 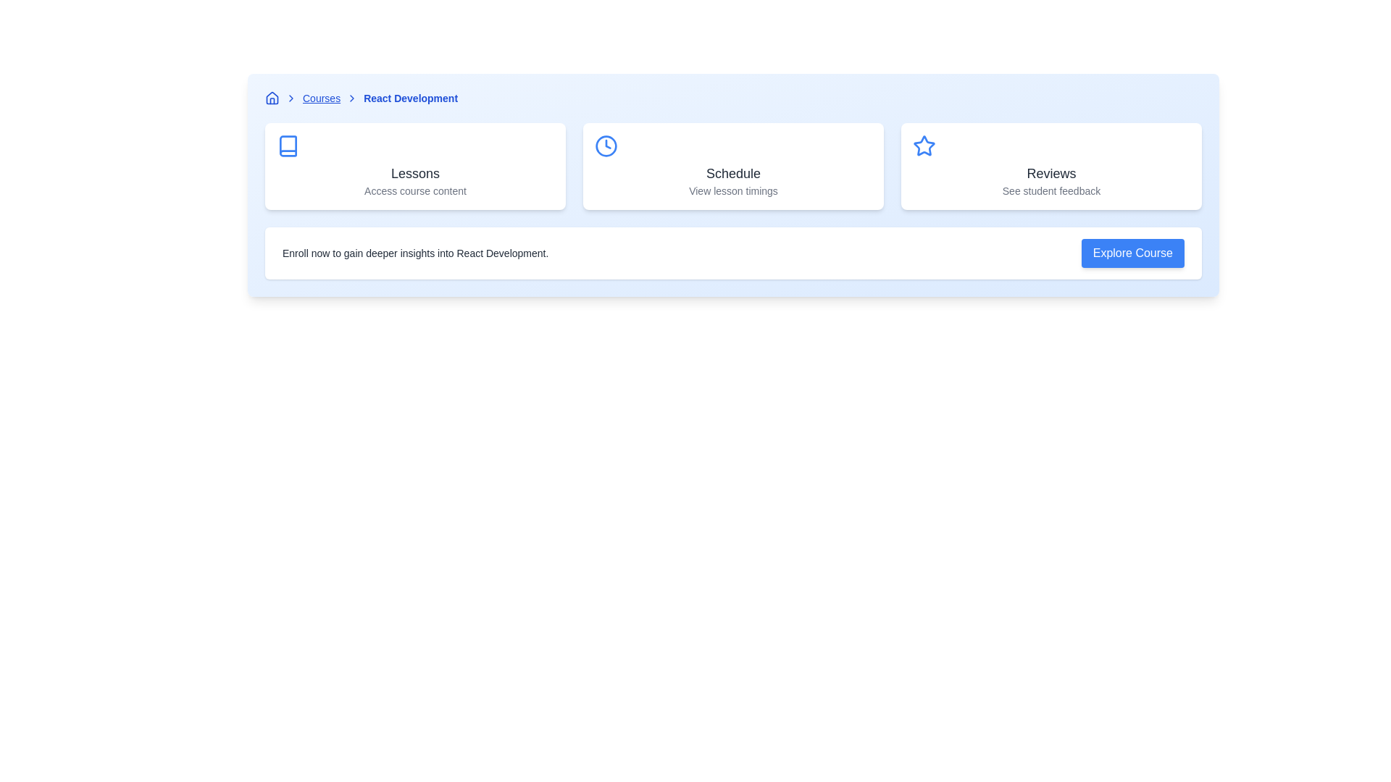 What do you see at coordinates (733, 190) in the screenshot?
I see `descriptive text located beneath the main title 'Schedule' in the 'Schedule' section, which hints at the content or features accessible via this section` at bounding box center [733, 190].